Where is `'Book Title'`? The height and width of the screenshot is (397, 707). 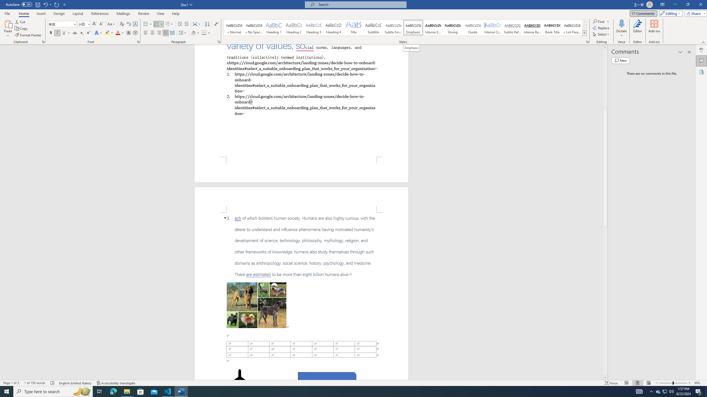 'Book Title' is located at coordinates (552, 27).